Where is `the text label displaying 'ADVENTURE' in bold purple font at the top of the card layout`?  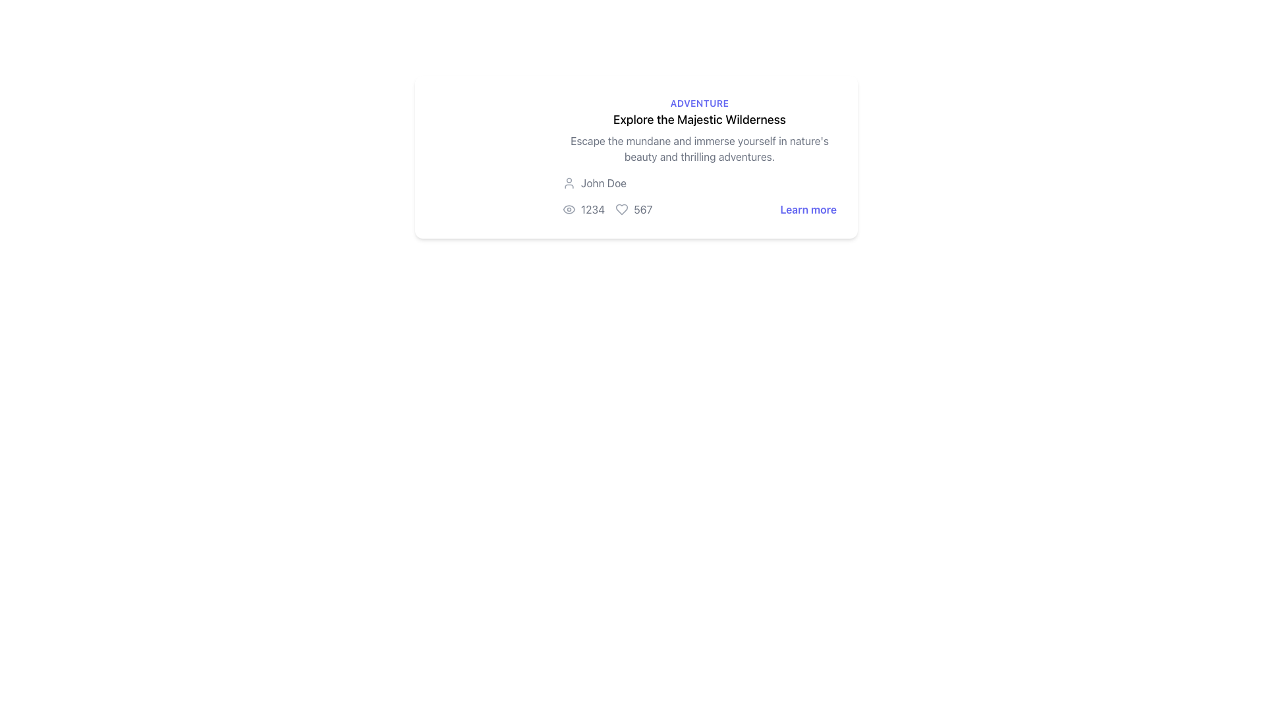
the text label displaying 'ADVENTURE' in bold purple font at the top of the card layout is located at coordinates (698, 103).